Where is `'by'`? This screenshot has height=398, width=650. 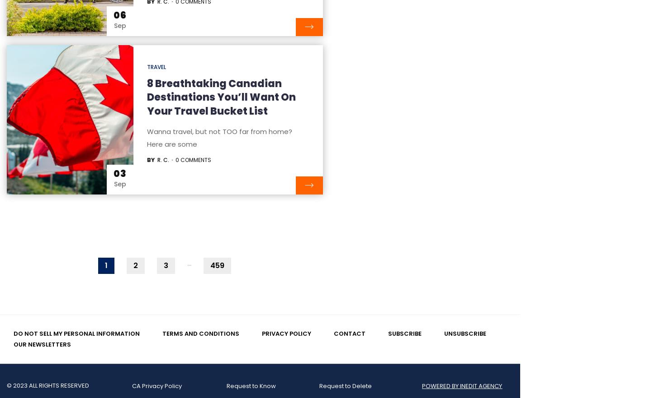 'by' is located at coordinates (150, 159).